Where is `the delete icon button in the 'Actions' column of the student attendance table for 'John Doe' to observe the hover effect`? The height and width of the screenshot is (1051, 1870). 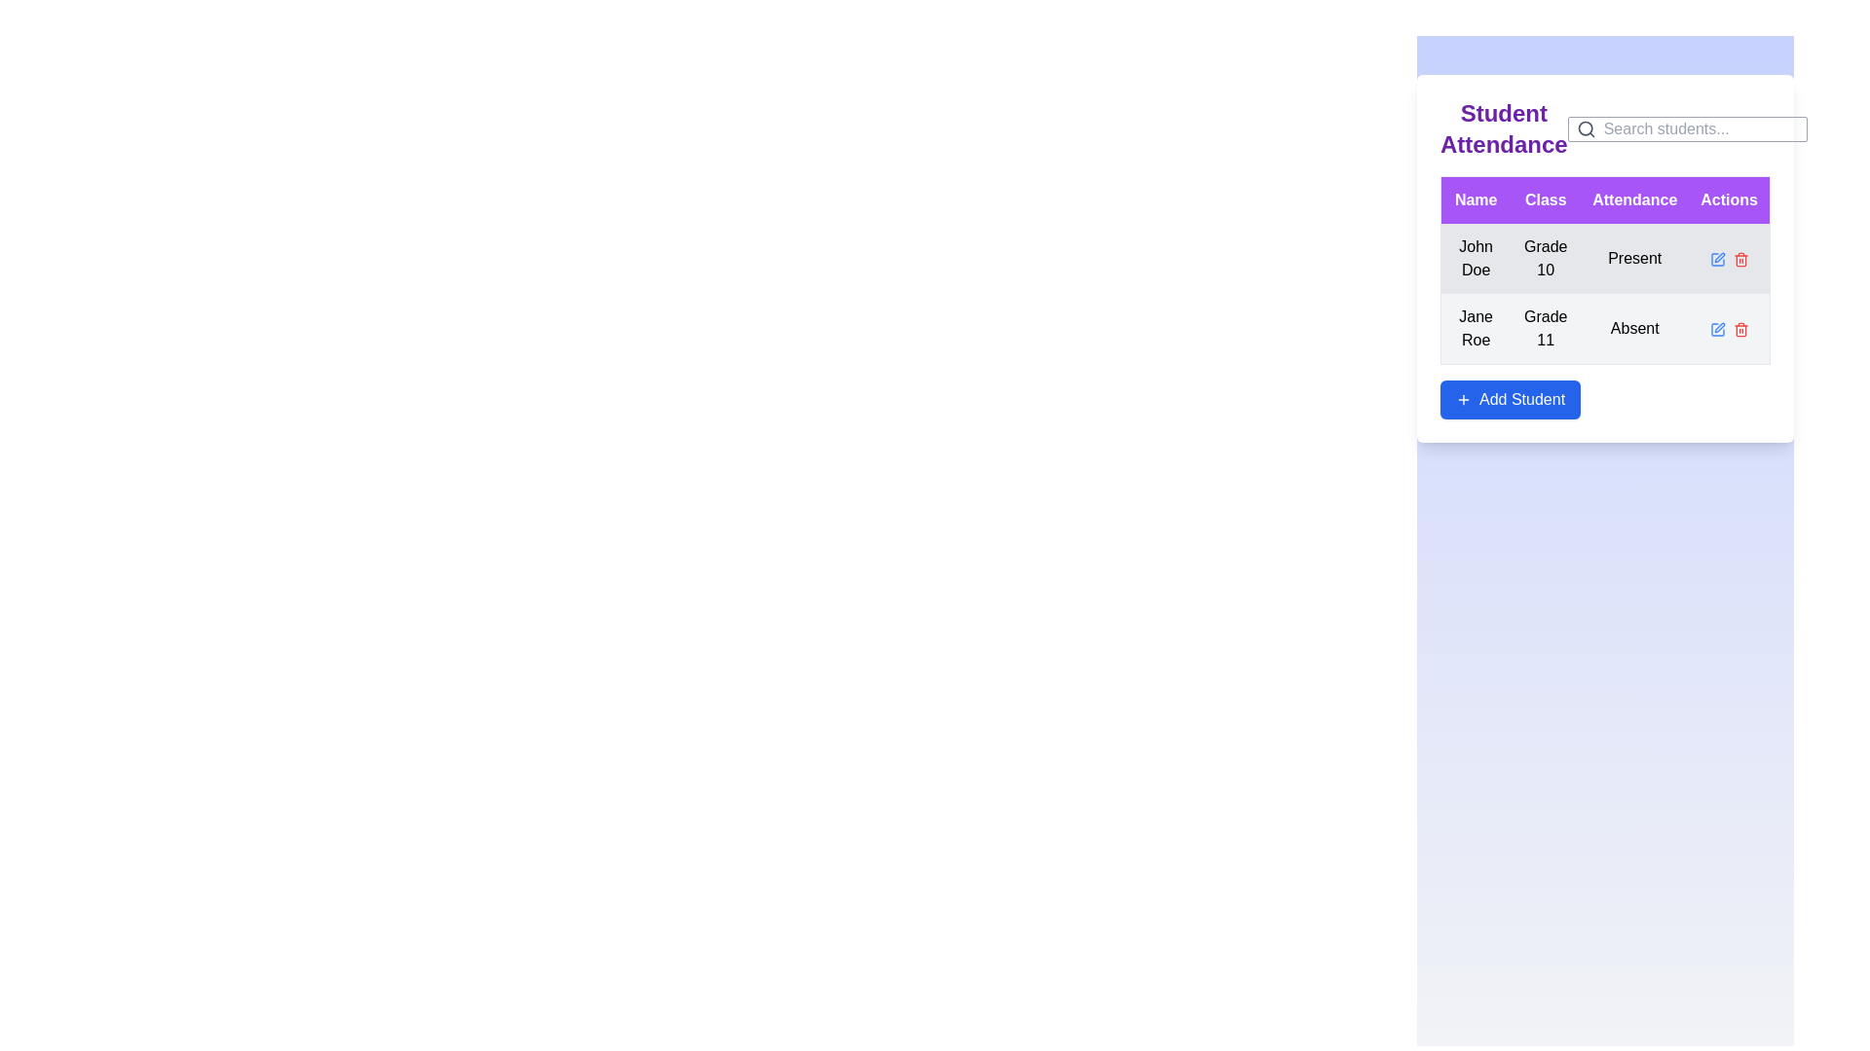
the delete icon button in the 'Actions' column of the student attendance table for 'John Doe' to observe the hover effect is located at coordinates (1740, 258).